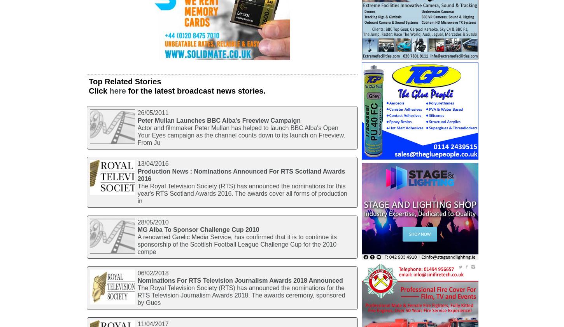  Describe the element at coordinates (152, 163) in the screenshot. I see `'13/04/2016'` at that location.